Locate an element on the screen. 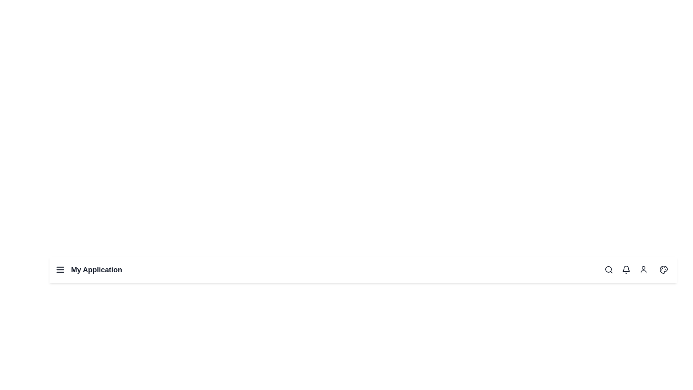  the bell icon to check for notifications is located at coordinates (626, 270).